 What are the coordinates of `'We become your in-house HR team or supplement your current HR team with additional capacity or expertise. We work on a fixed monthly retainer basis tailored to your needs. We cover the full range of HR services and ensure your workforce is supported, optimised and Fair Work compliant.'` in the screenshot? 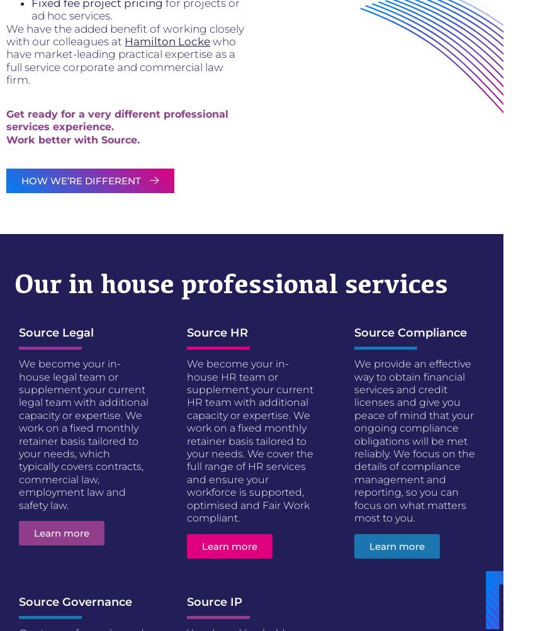 It's located at (249, 440).